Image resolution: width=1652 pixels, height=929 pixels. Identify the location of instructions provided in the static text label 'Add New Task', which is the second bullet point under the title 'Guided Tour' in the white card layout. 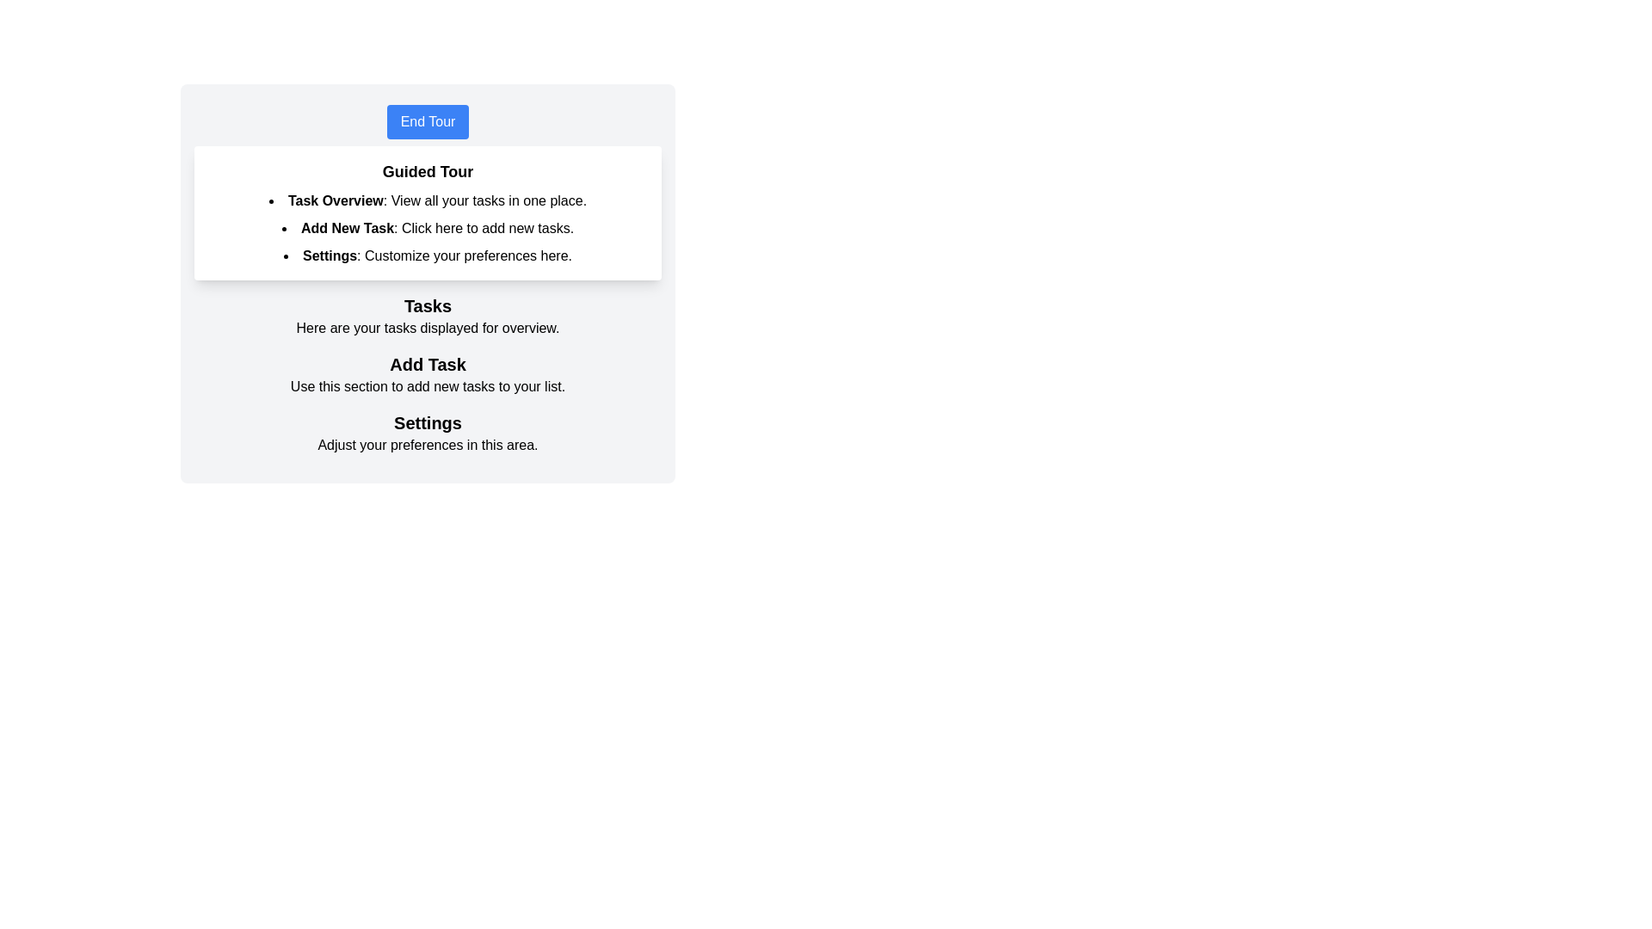
(346, 227).